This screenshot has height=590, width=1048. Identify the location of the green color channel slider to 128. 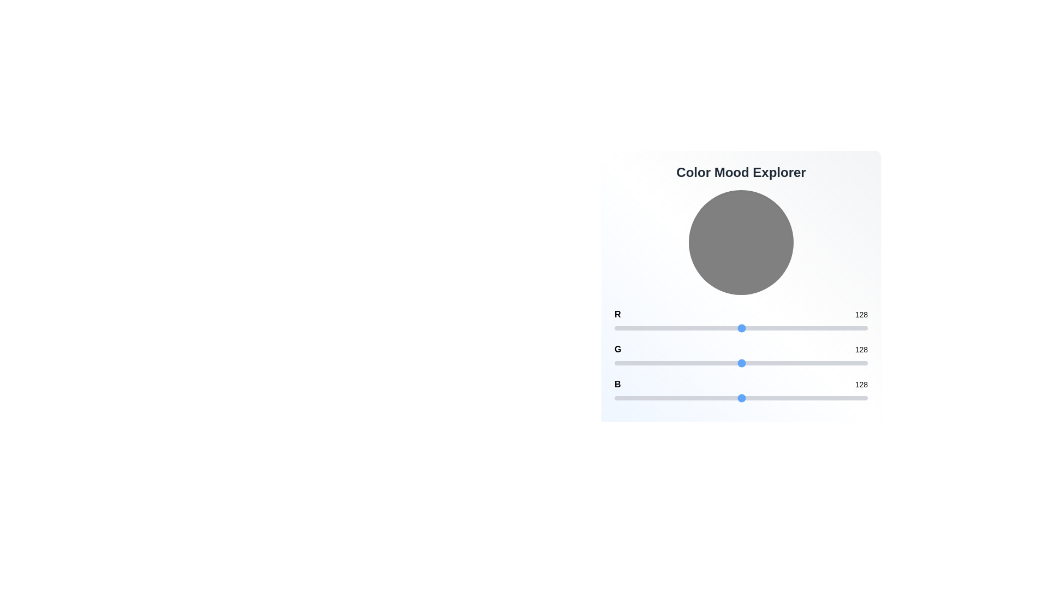
(741, 363).